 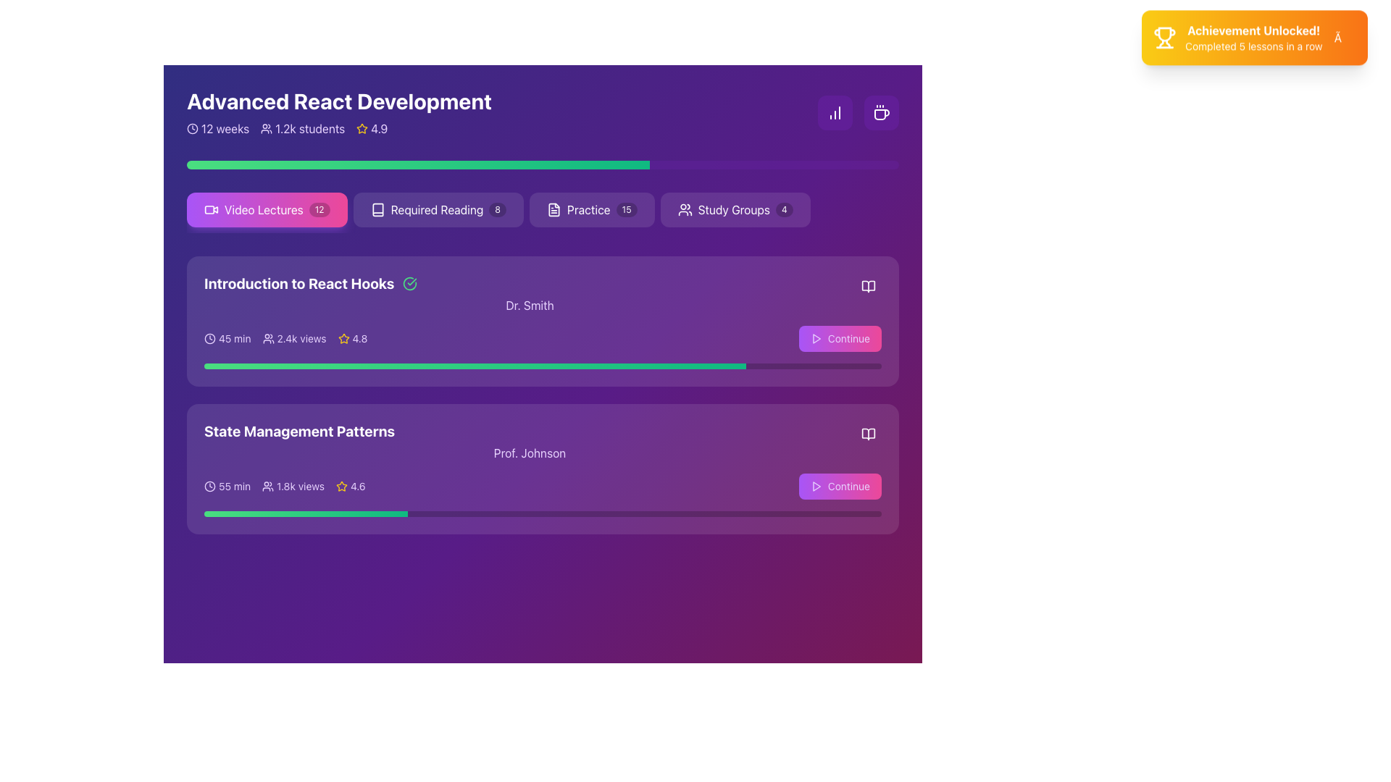 I want to click on the Notification badge displaying the number '4', located to the right of the 'Study Groups' label in the Study Groups menu, so click(x=783, y=209).